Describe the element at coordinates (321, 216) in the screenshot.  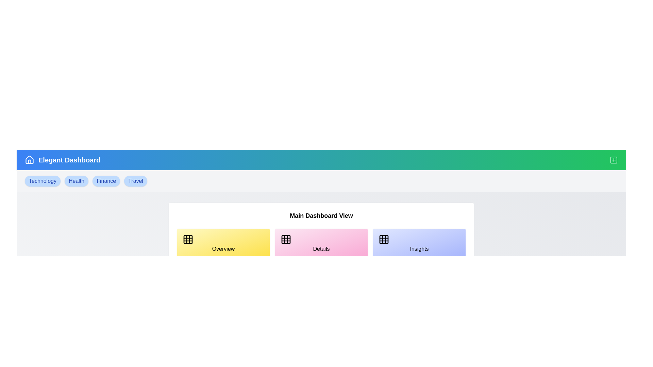
I see `the header text Main Dashboard View for informational purposes` at that location.